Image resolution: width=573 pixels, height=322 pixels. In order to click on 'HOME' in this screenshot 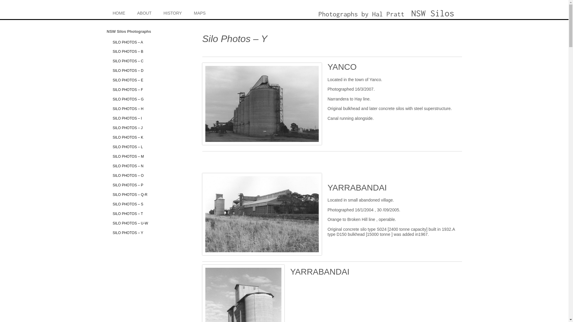, I will do `click(119, 12)`.